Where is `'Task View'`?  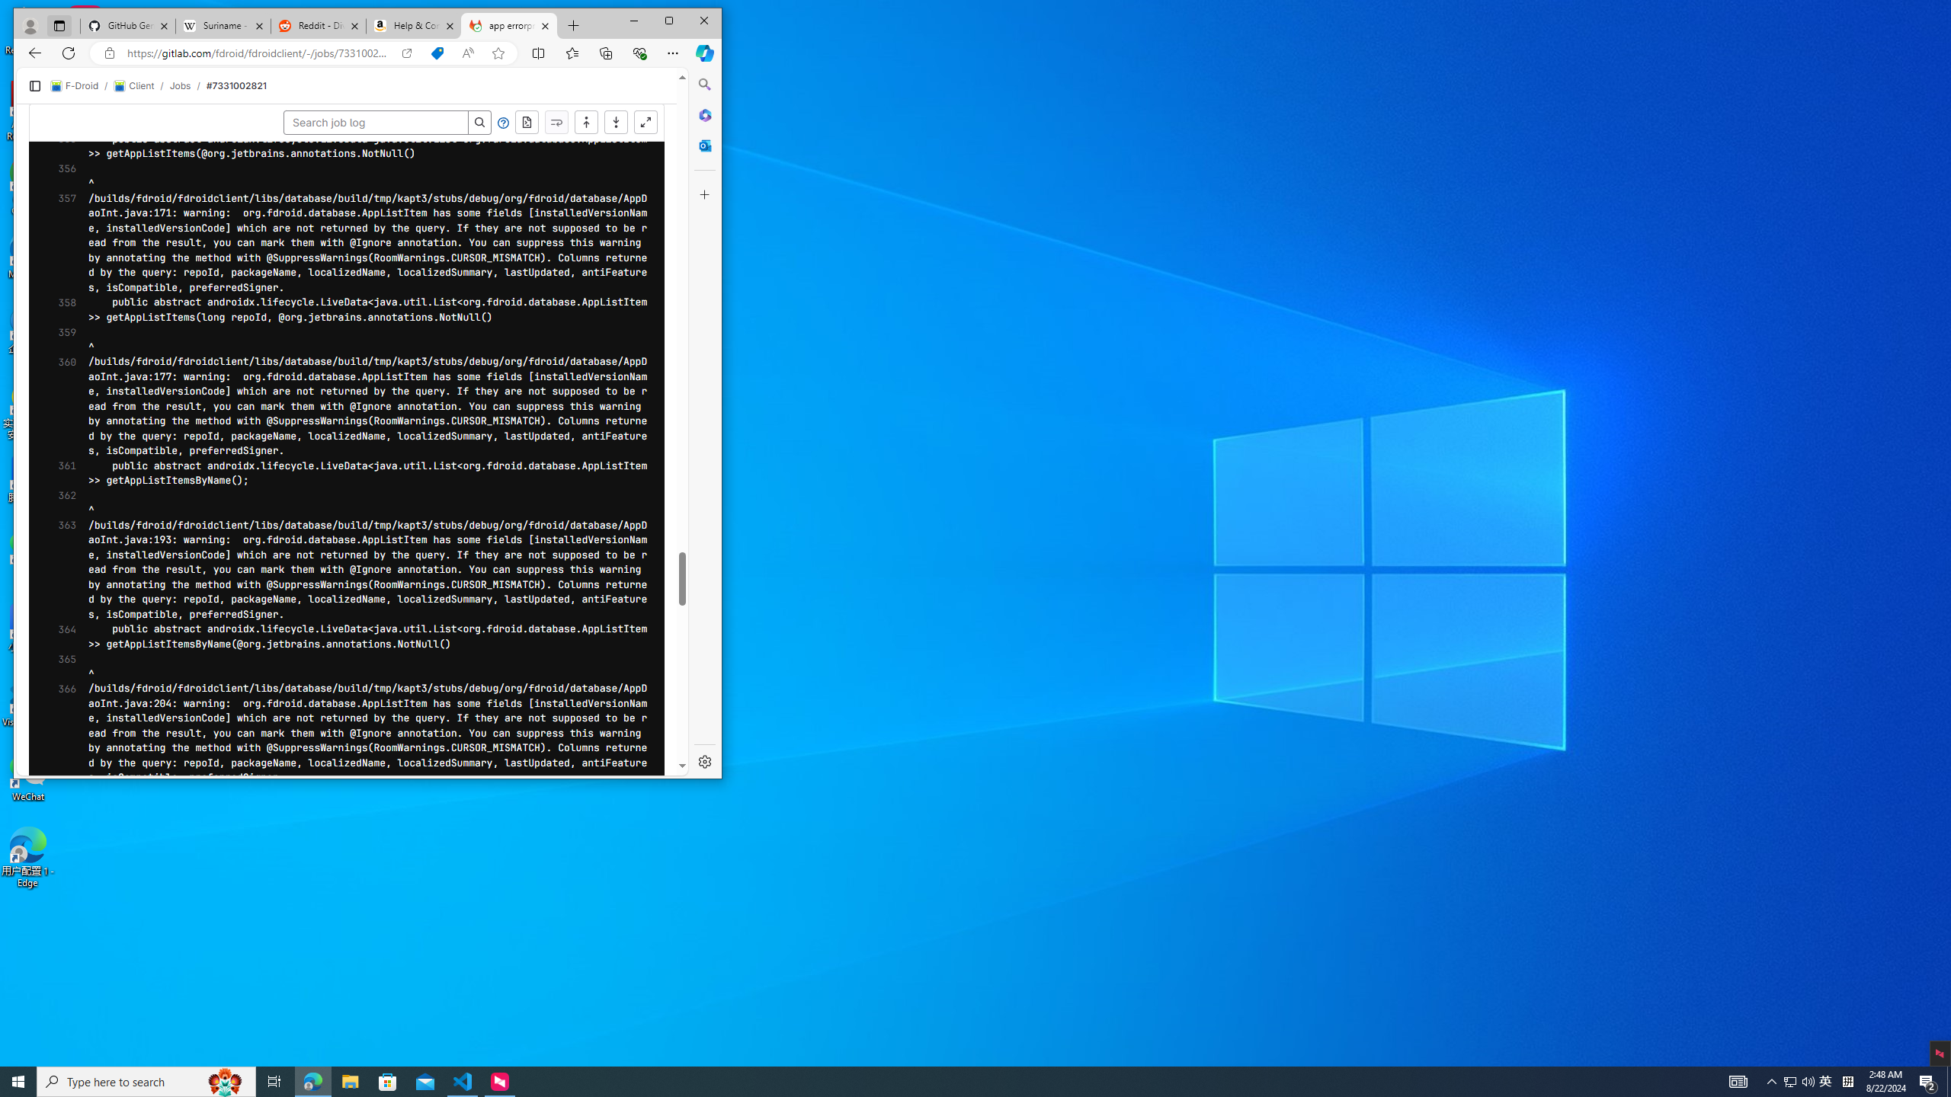 'Task View' is located at coordinates (273, 1080).